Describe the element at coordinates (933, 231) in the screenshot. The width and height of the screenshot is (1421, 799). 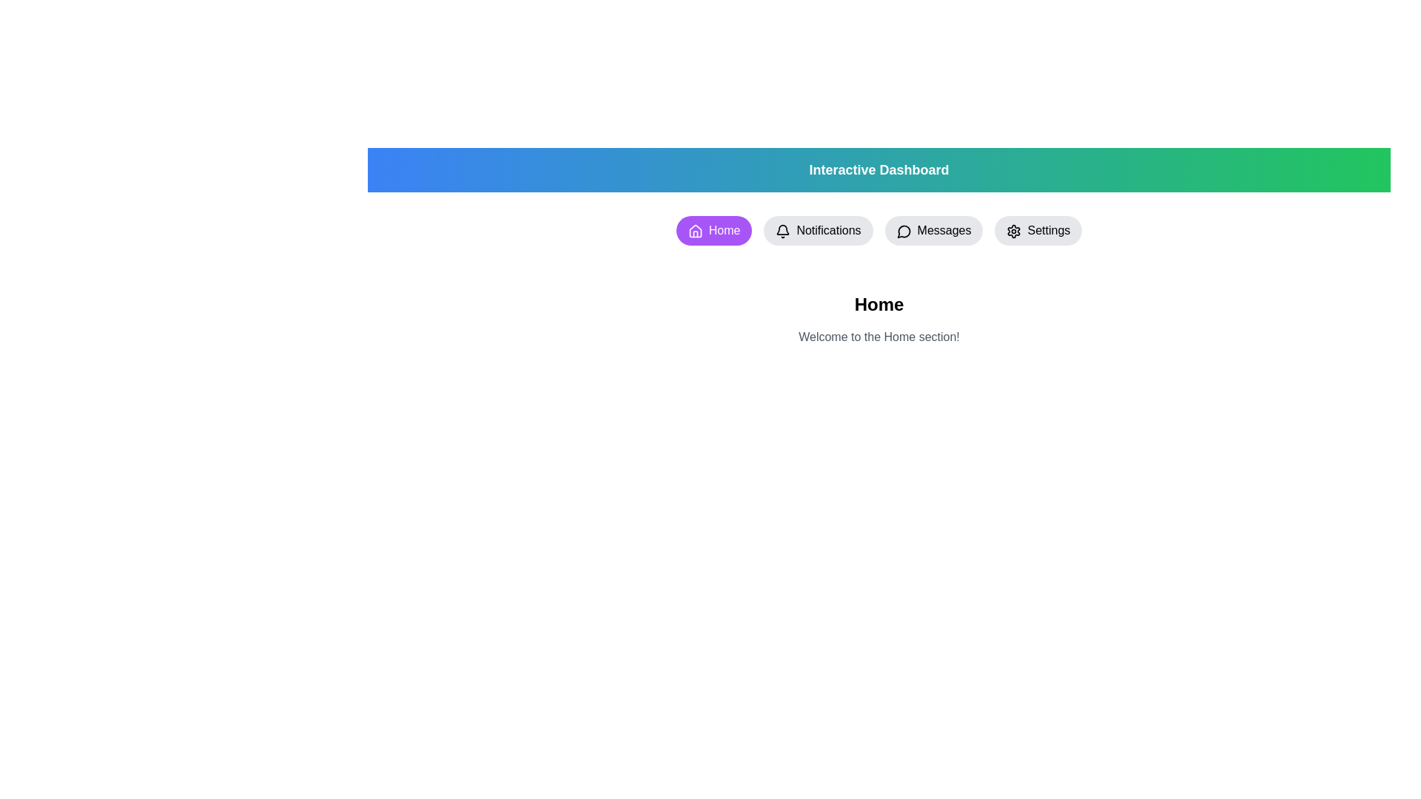
I see `the tab labeled Messages to view its content` at that location.